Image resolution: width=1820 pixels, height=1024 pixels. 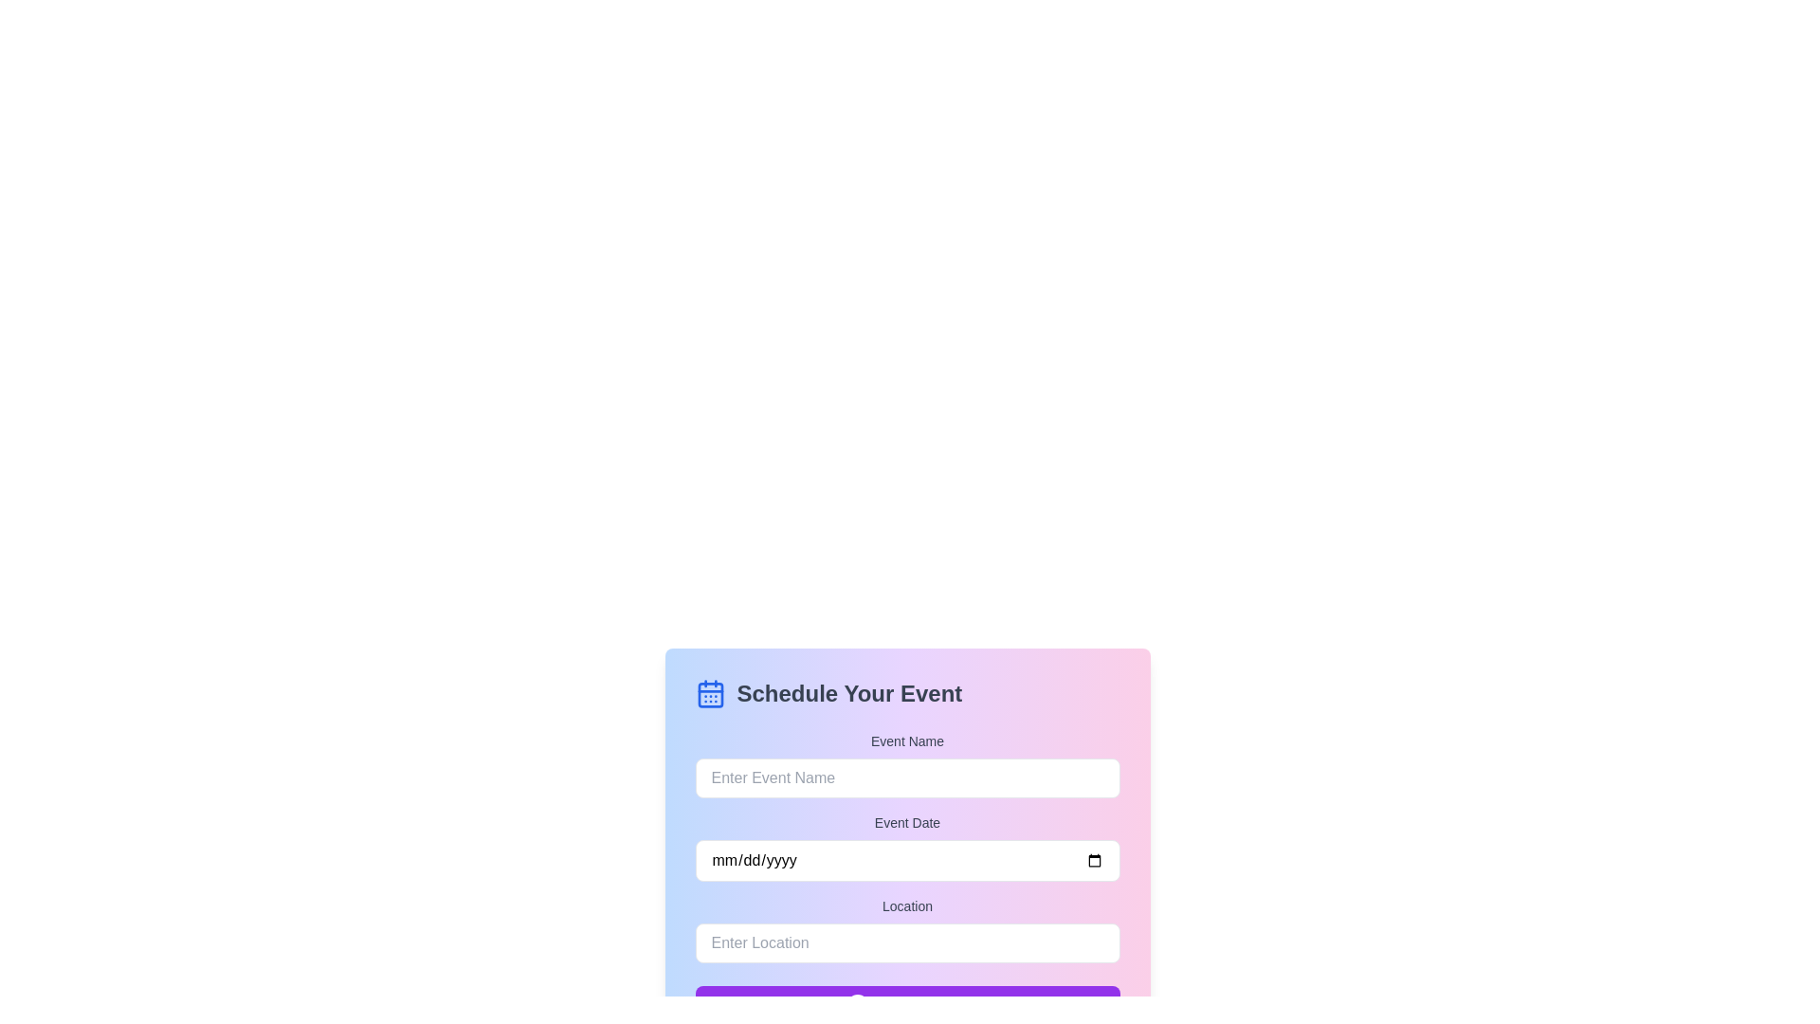 I want to click on the circular icon with a plus symbol (+) located on the left side of the 'Create Event' button near the bottom center of the interface, so click(x=856, y=1004).